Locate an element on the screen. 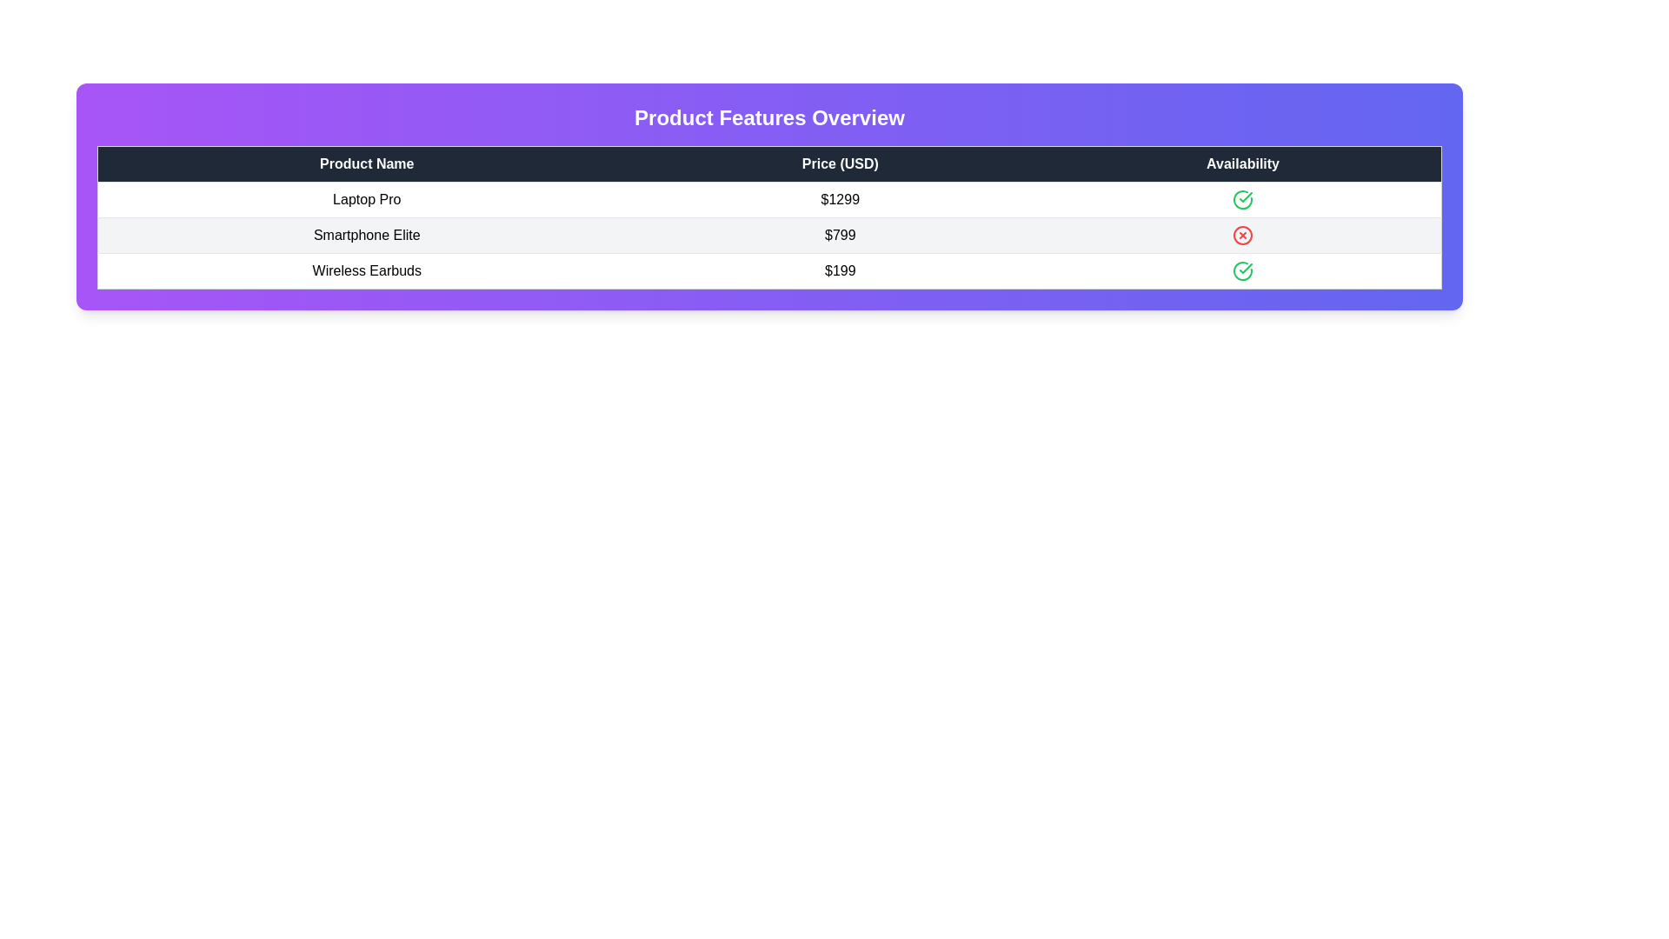  the Status indicator for the 'Smartphone Elite' product, which denotes its unavailability status and is located in the third column under the 'Availability' header is located at coordinates (1242, 235).